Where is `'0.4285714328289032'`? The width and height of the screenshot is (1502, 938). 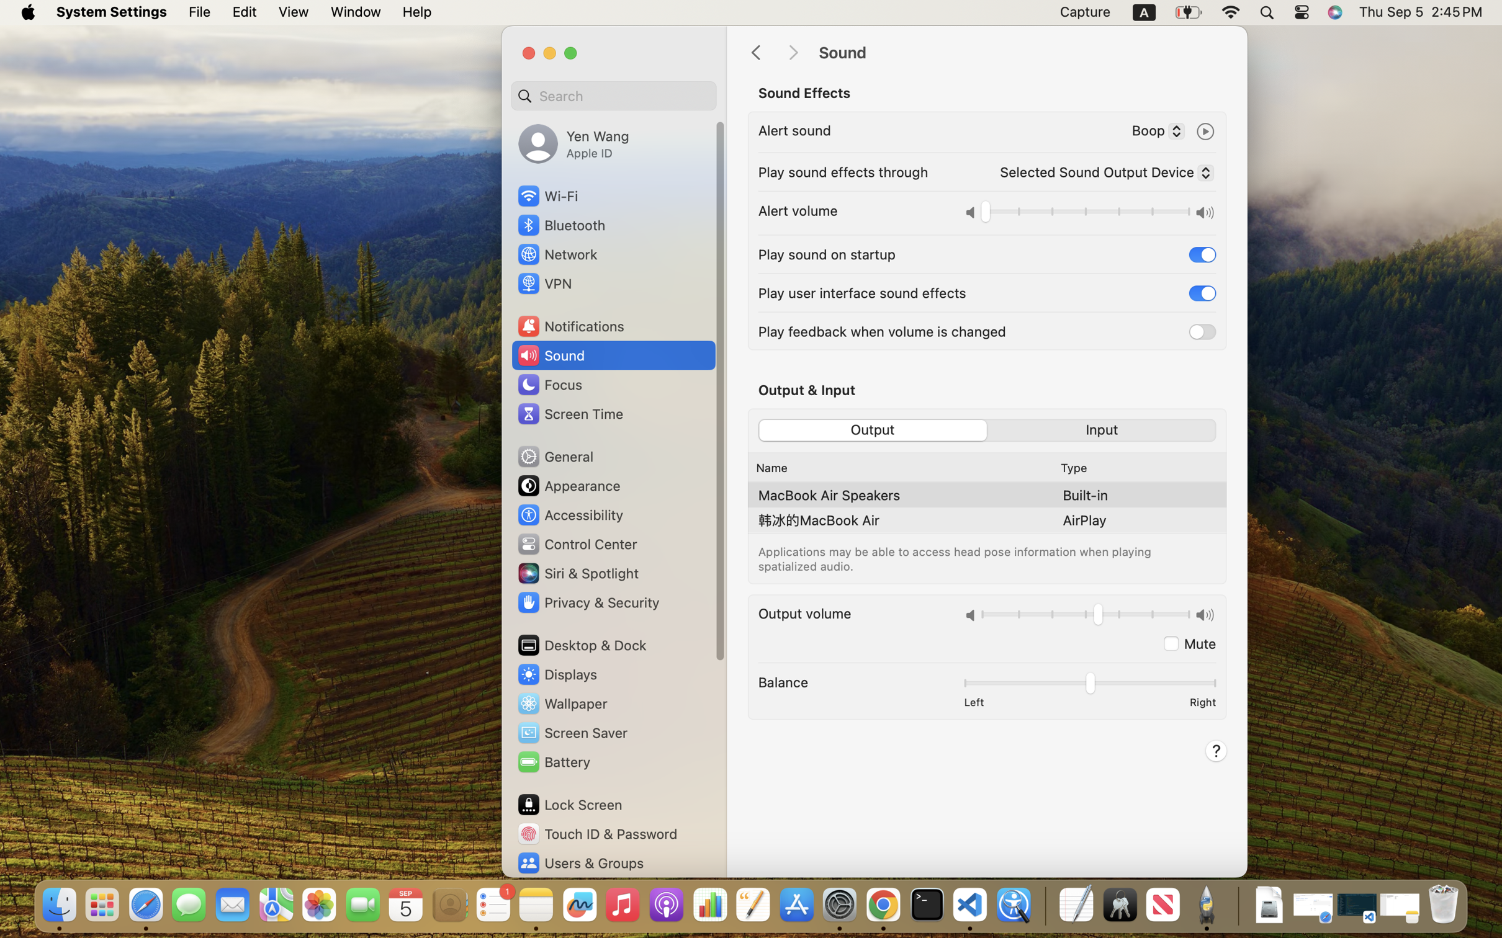
'0.4285714328289032' is located at coordinates (1043, 905).